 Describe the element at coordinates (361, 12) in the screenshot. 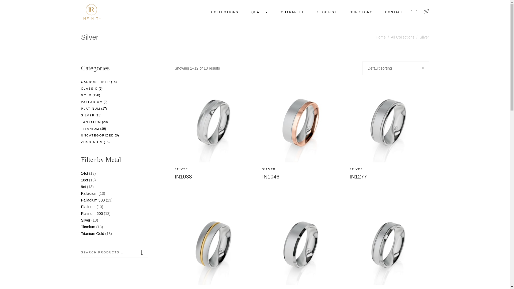

I see `'OUR STORY'` at that location.